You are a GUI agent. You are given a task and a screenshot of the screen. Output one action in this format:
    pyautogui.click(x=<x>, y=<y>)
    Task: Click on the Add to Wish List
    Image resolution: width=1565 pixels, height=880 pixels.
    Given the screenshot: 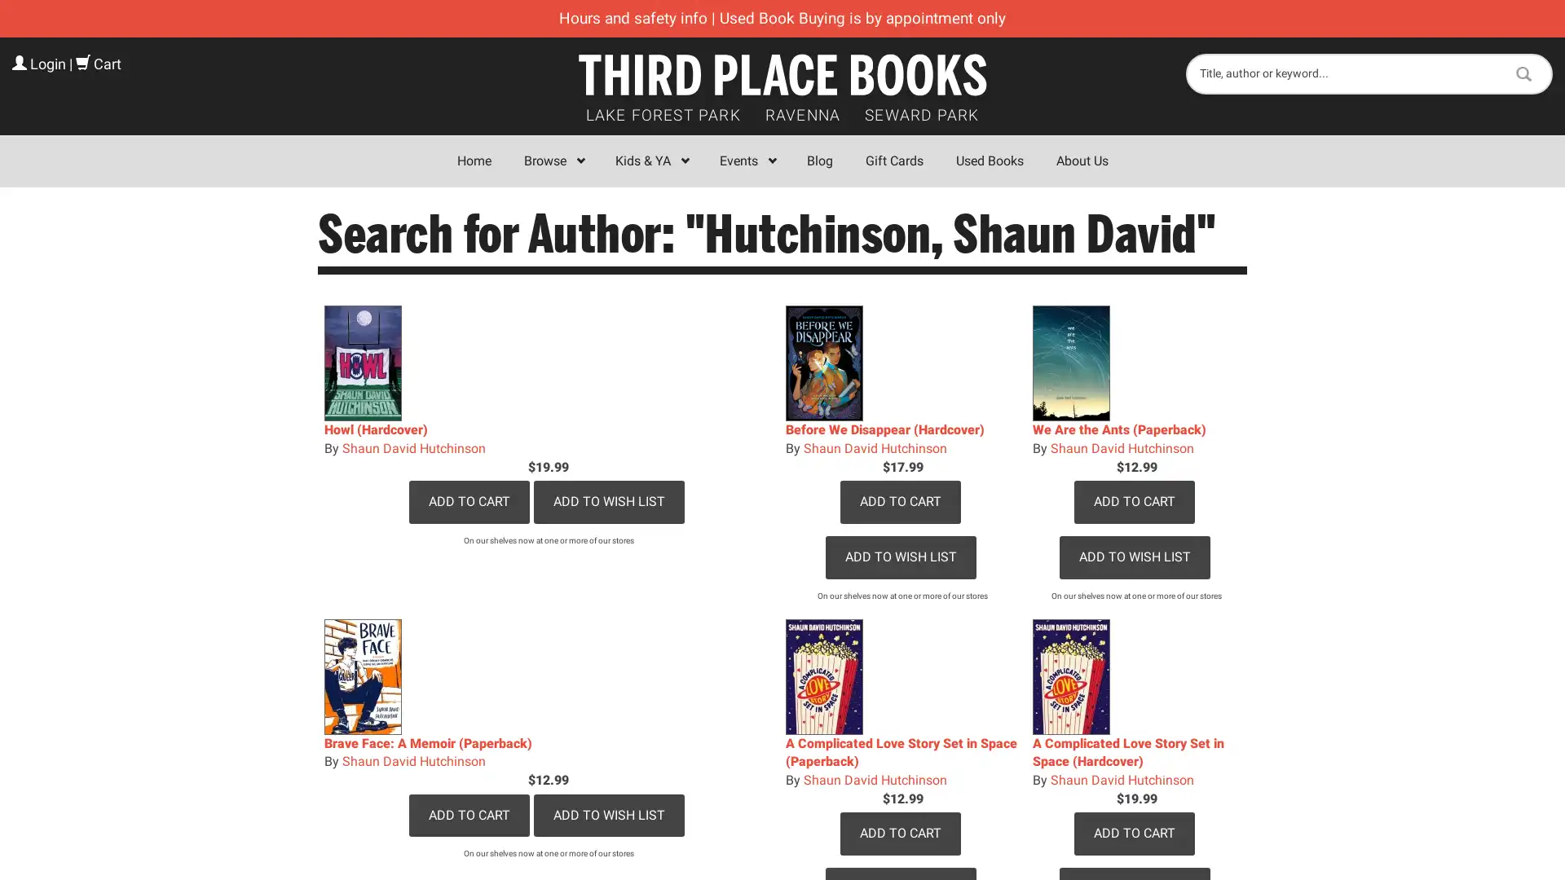 What is the action you would take?
    pyautogui.click(x=607, y=815)
    